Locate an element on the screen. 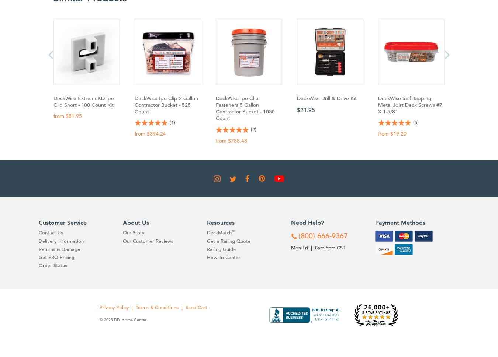 The height and width of the screenshot is (357, 498). 'Customer Service' is located at coordinates (38, 222).